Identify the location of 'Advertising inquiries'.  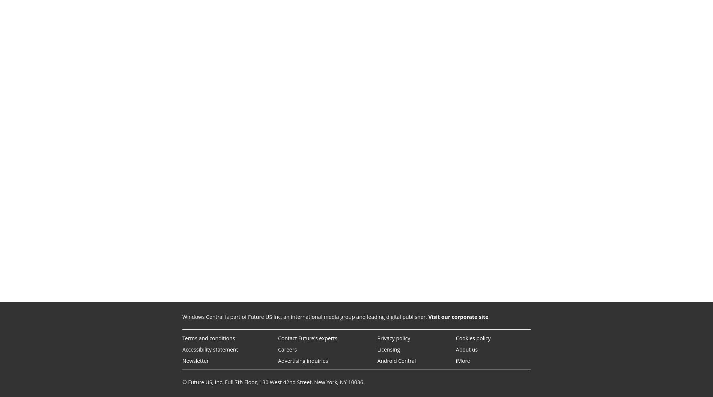
(302, 361).